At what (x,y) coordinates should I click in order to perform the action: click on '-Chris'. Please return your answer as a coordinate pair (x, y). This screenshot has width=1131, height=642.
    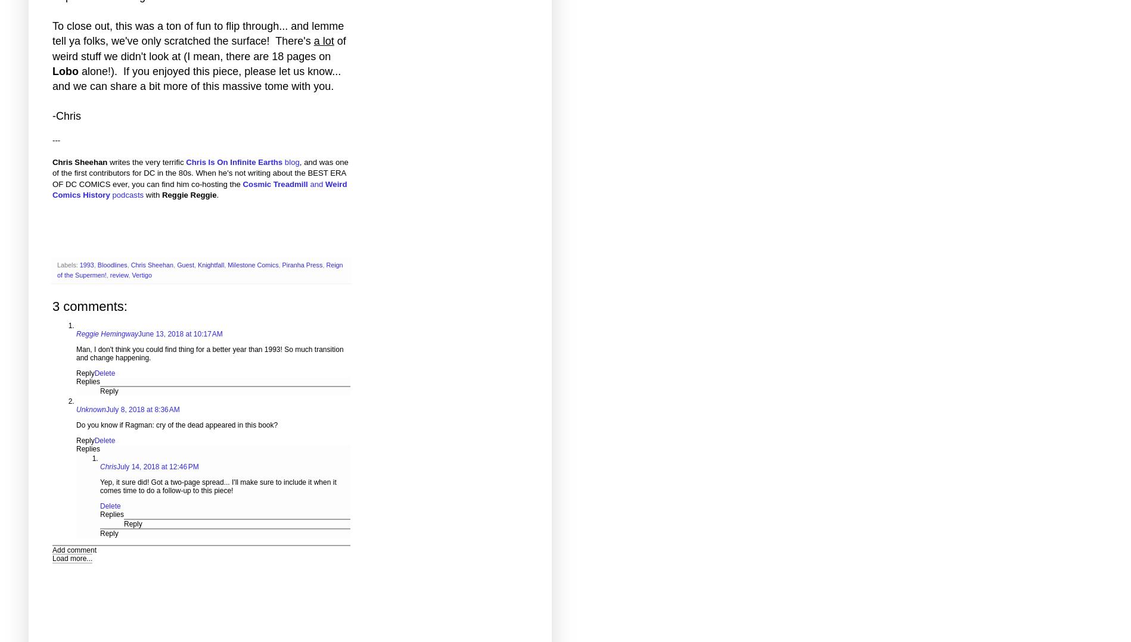
    Looking at the image, I should click on (66, 116).